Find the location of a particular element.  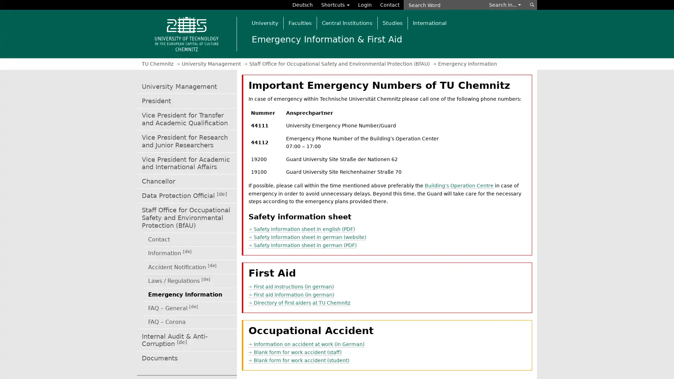

Central Institutions is located at coordinates (347, 22).